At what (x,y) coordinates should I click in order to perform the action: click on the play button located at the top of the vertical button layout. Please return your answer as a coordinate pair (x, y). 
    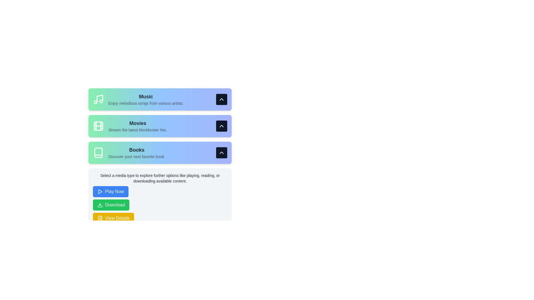
    Looking at the image, I should click on (110, 191).